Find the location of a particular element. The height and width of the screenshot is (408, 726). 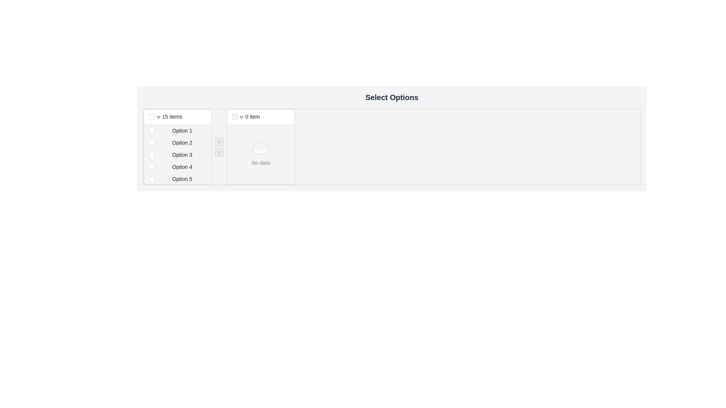

the checkbox associated with 'Option 5' is located at coordinates (177, 179).